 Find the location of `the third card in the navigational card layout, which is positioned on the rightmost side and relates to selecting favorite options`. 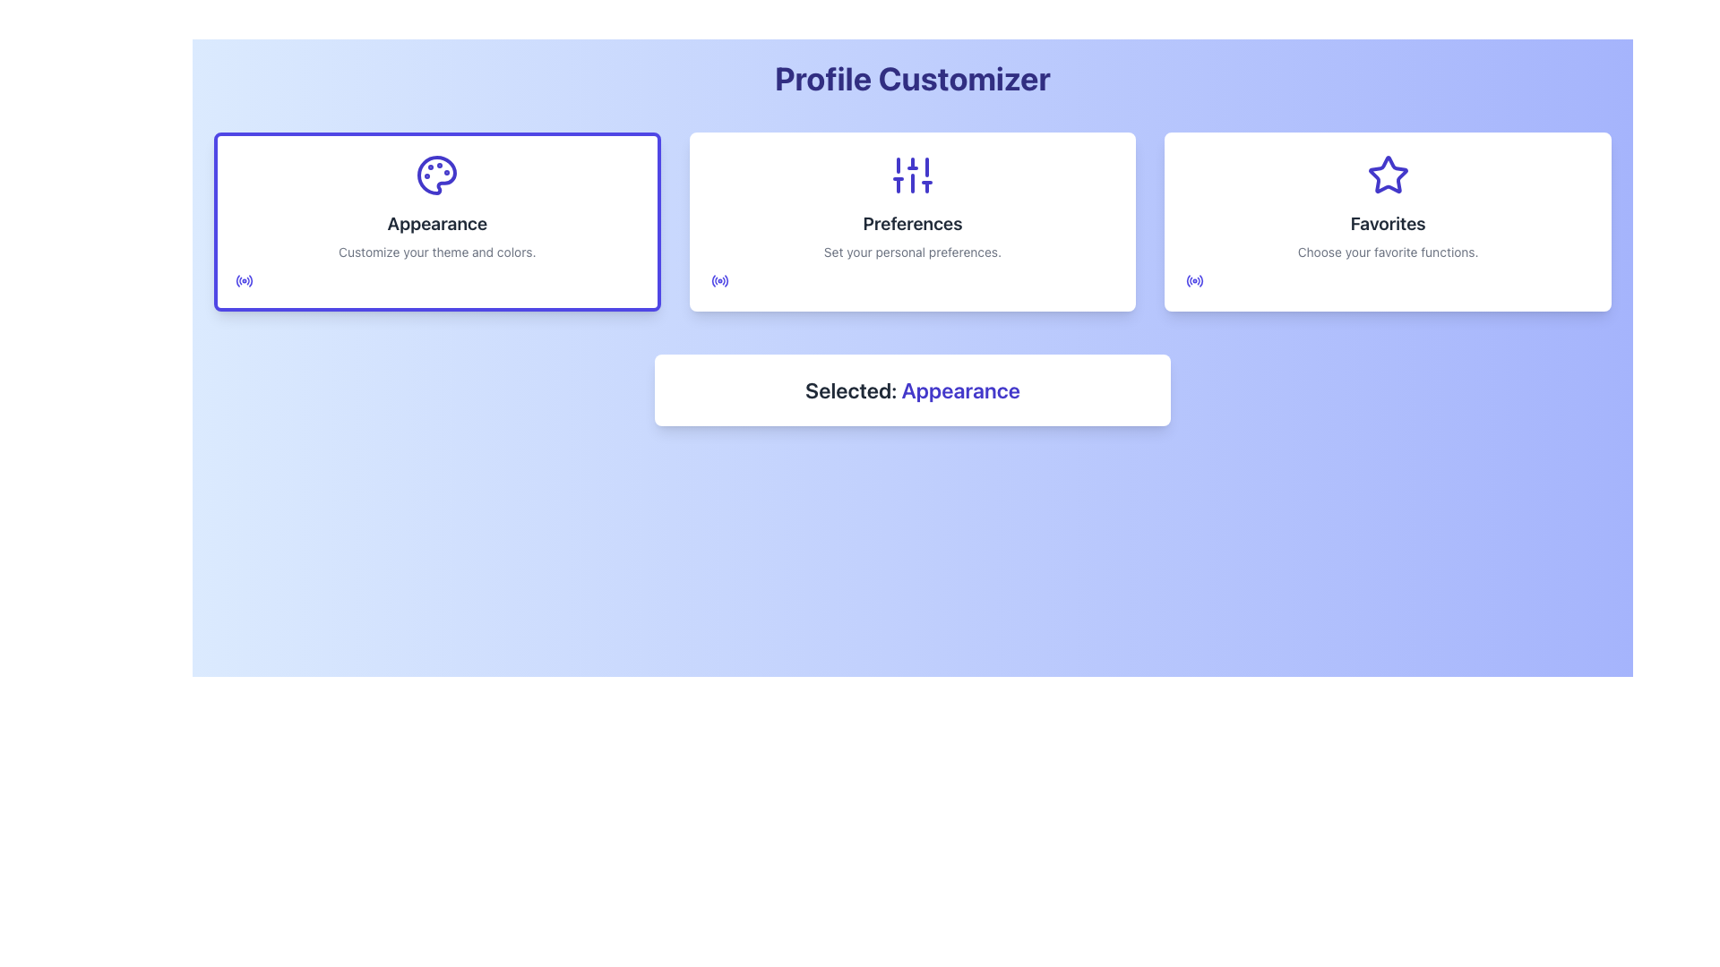

the third card in the navigational card layout, which is positioned on the rightmost side and relates to selecting favorite options is located at coordinates (1387, 220).